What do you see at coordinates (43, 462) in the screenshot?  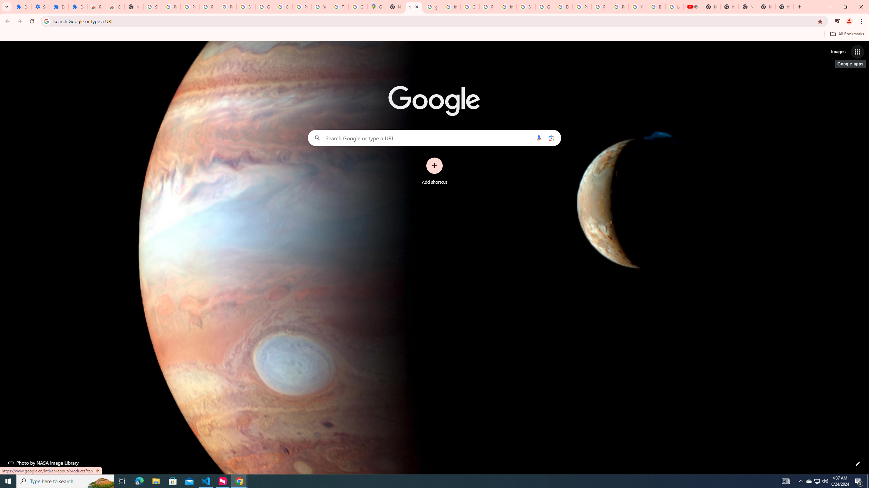 I see `'Photo by NASA Image Library'` at bounding box center [43, 462].